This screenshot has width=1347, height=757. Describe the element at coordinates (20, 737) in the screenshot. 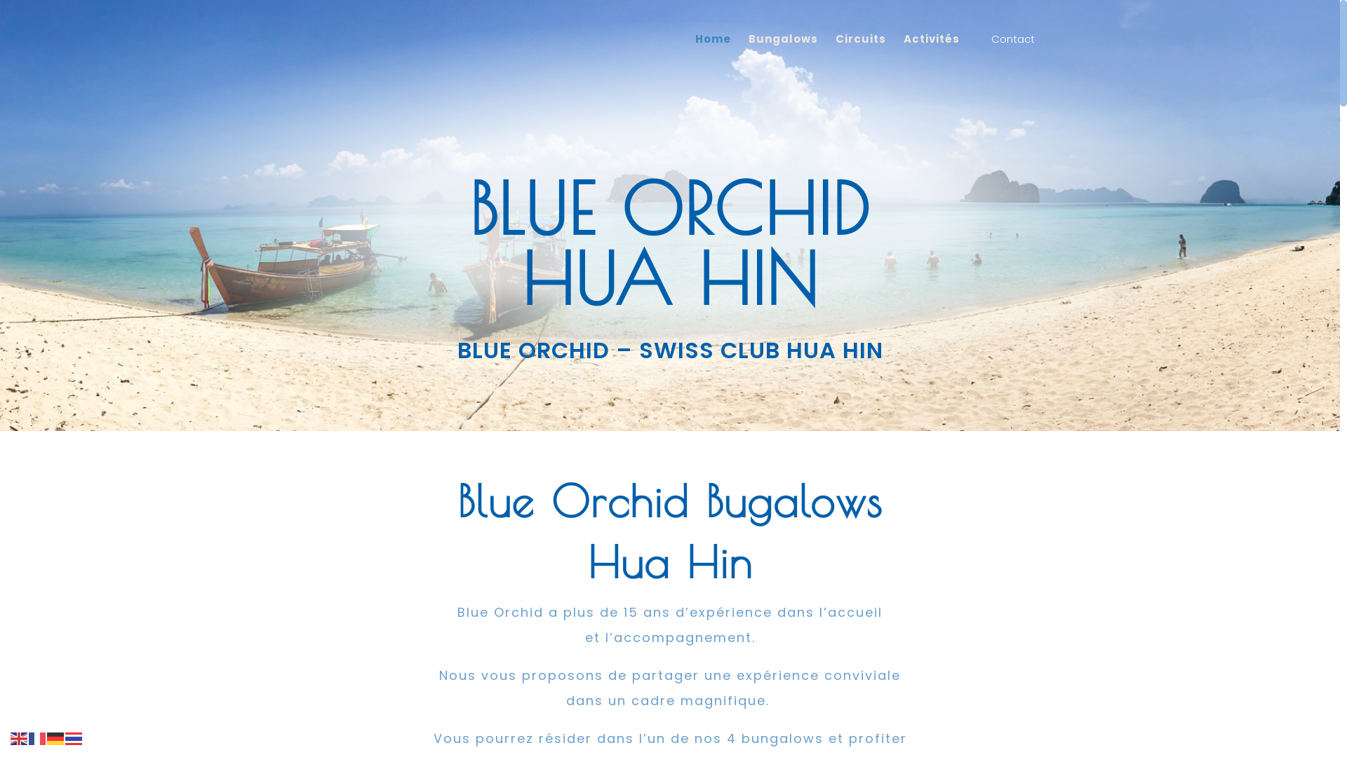

I see `'English'` at that location.